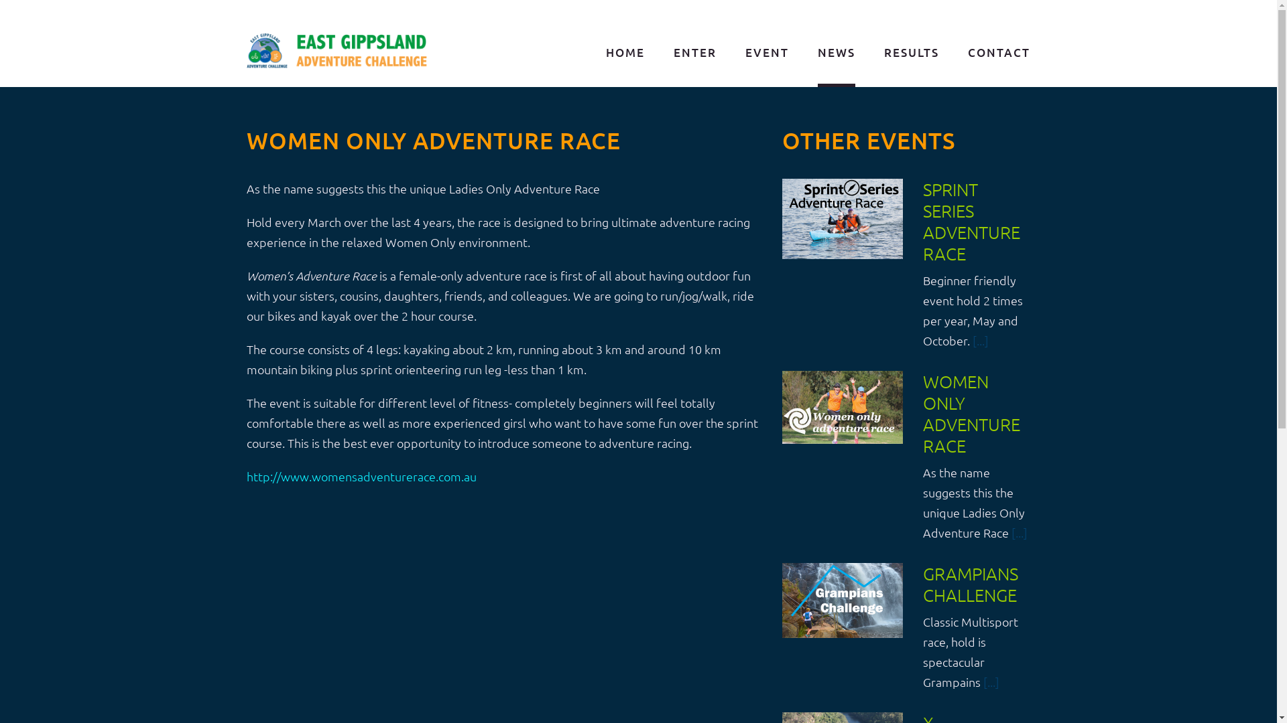 This screenshot has height=723, width=1287. I want to click on 'HOME', so click(624, 53).